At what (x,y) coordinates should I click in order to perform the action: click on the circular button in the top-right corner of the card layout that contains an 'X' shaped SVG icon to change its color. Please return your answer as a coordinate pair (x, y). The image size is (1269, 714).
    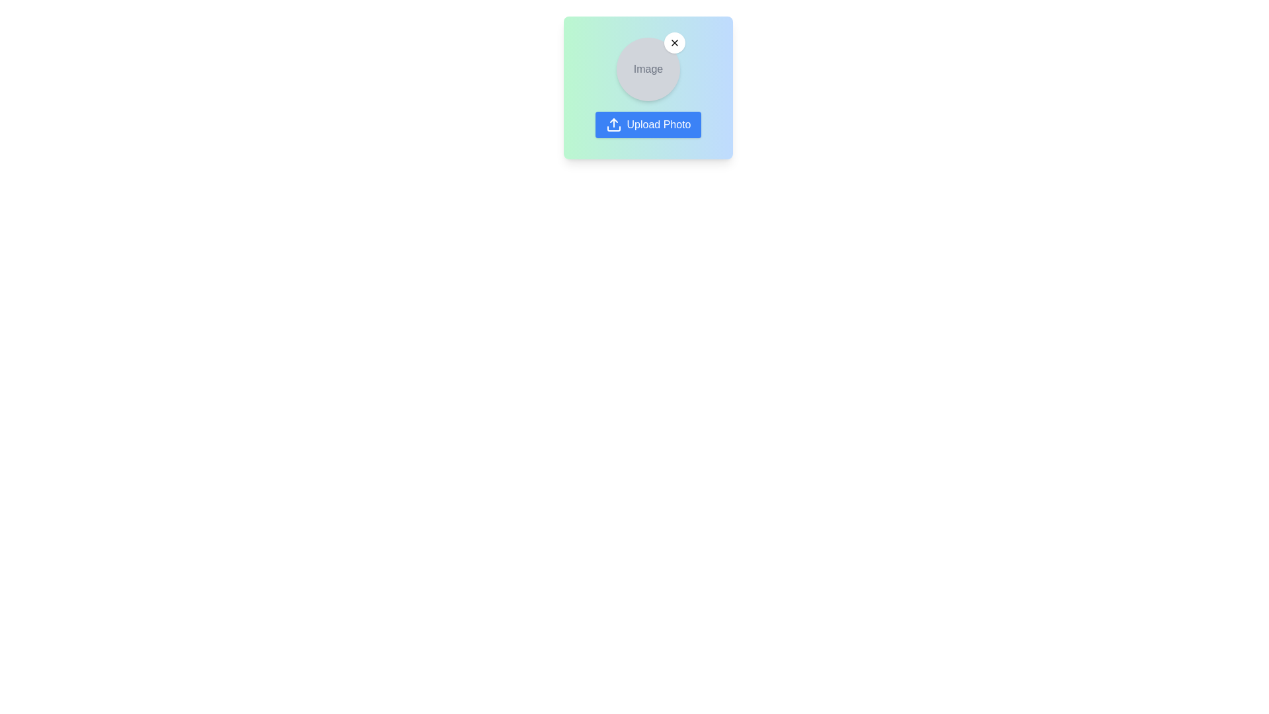
    Looking at the image, I should click on (675, 42).